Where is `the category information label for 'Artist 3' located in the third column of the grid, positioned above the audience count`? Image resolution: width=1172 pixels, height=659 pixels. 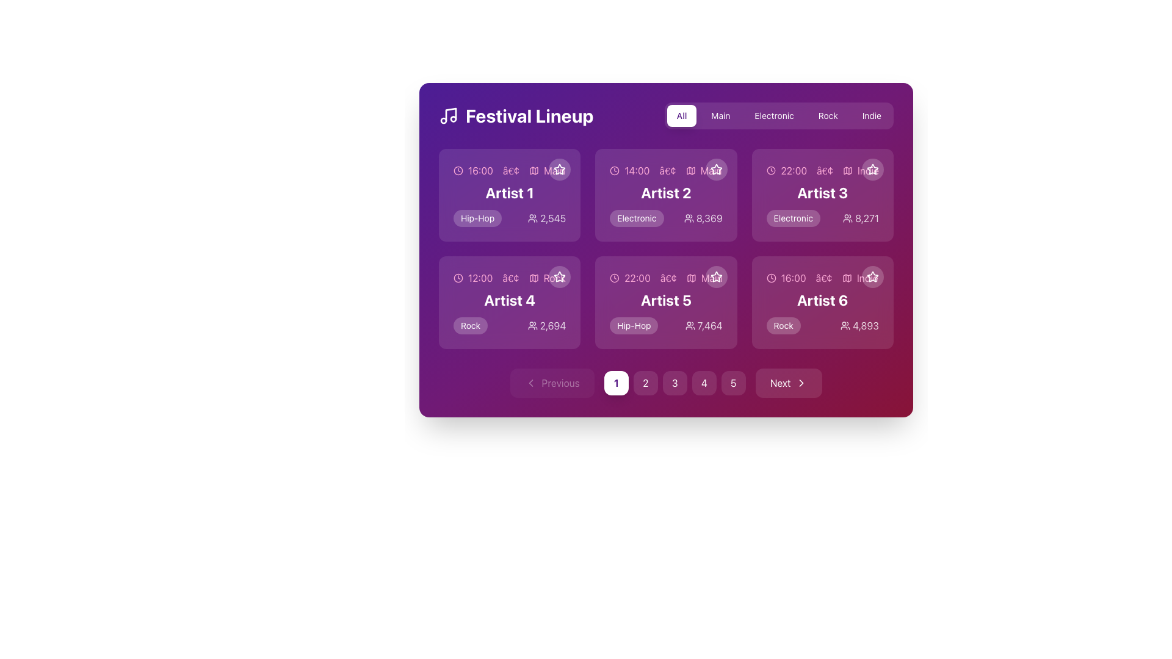 the category information label for 'Artist 3' located in the third column of the grid, positioned above the audience count is located at coordinates (793, 218).